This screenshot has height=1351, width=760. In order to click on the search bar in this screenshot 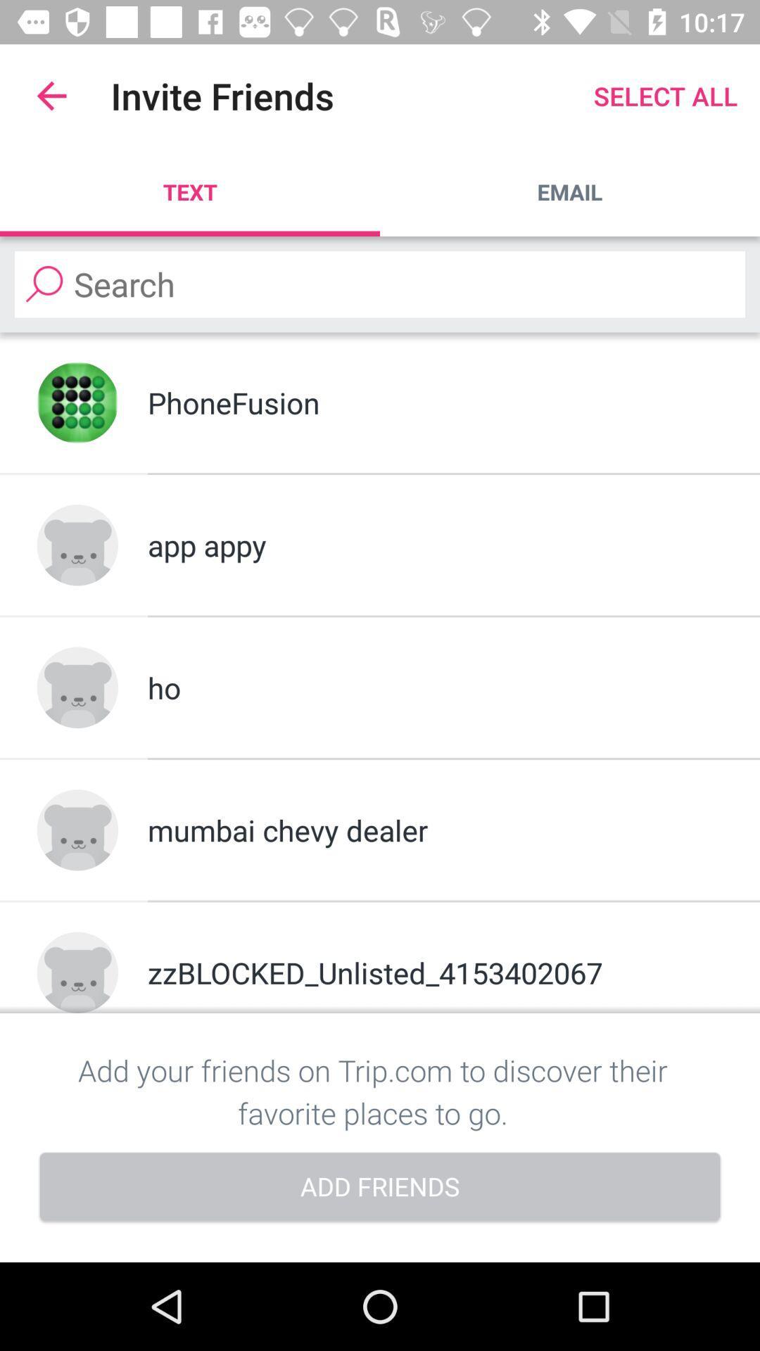, I will do `click(380, 284)`.